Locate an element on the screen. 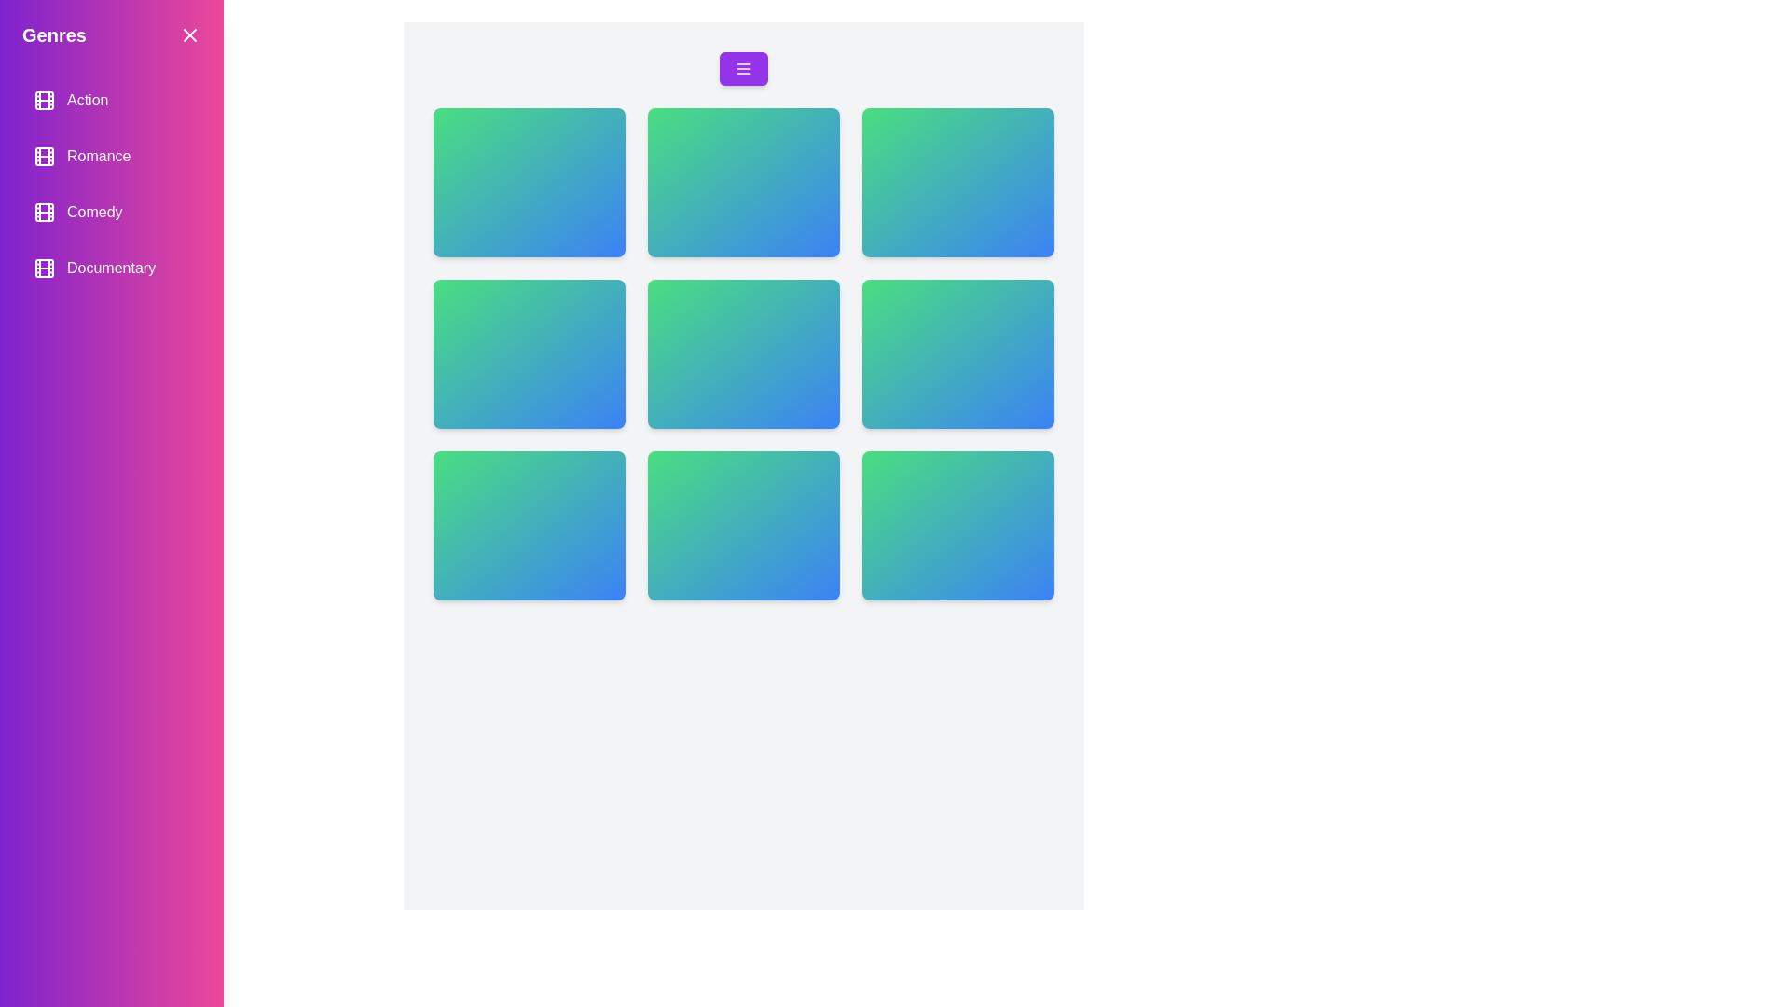 The height and width of the screenshot is (1007, 1790). the genre item labeled Documentary is located at coordinates (111, 269).